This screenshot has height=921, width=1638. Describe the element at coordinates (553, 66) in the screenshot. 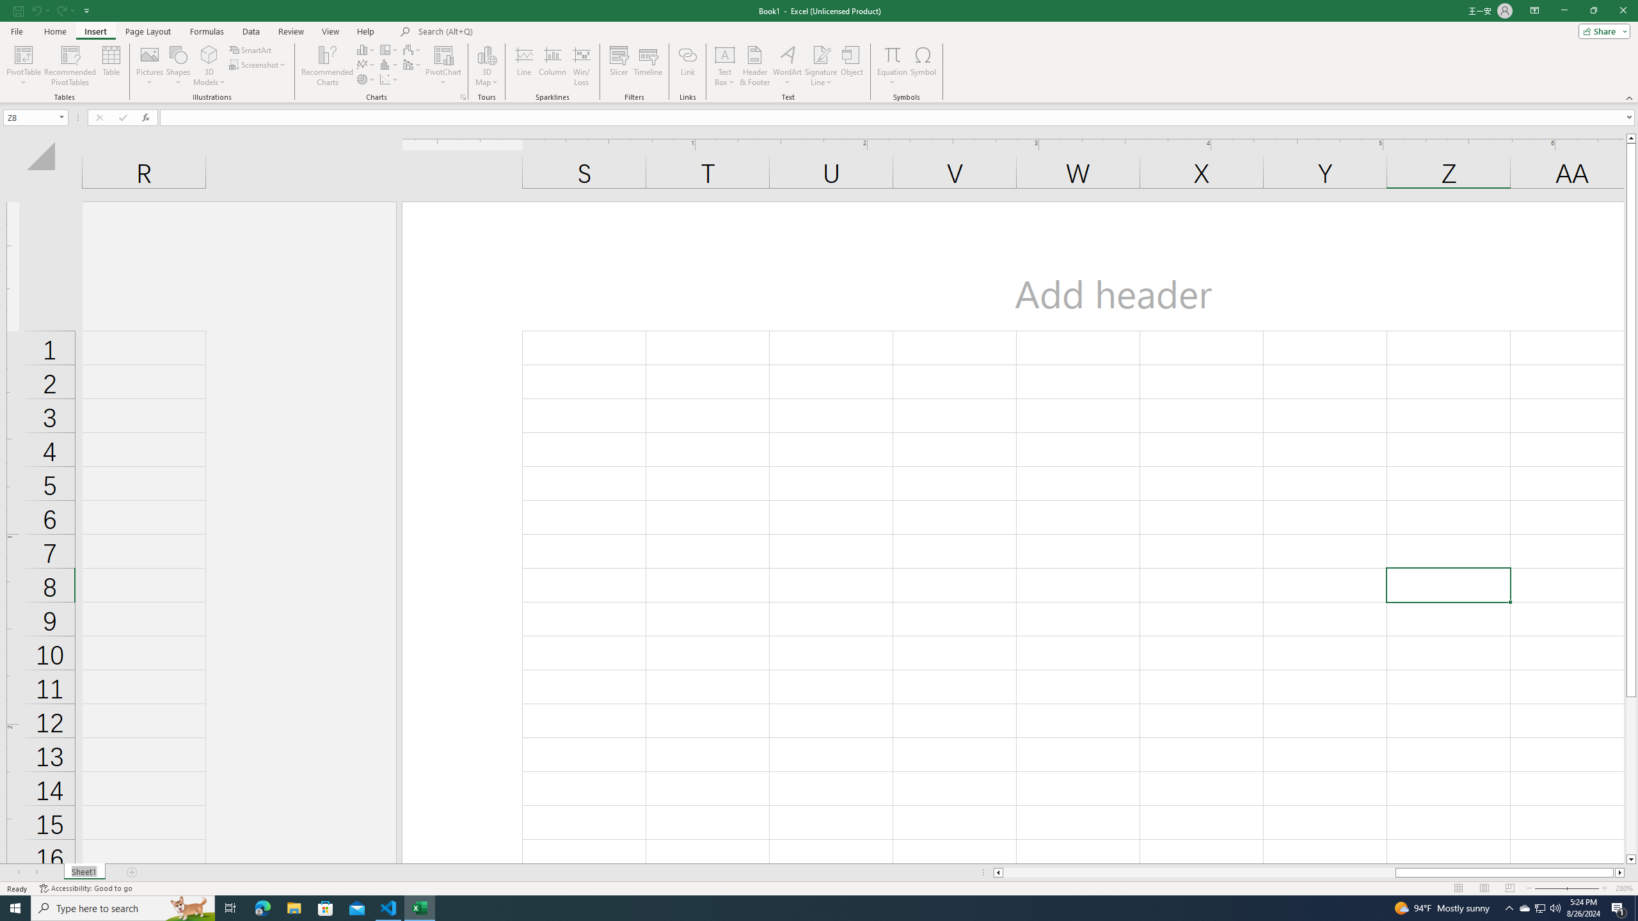

I see `'Column'` at that location.